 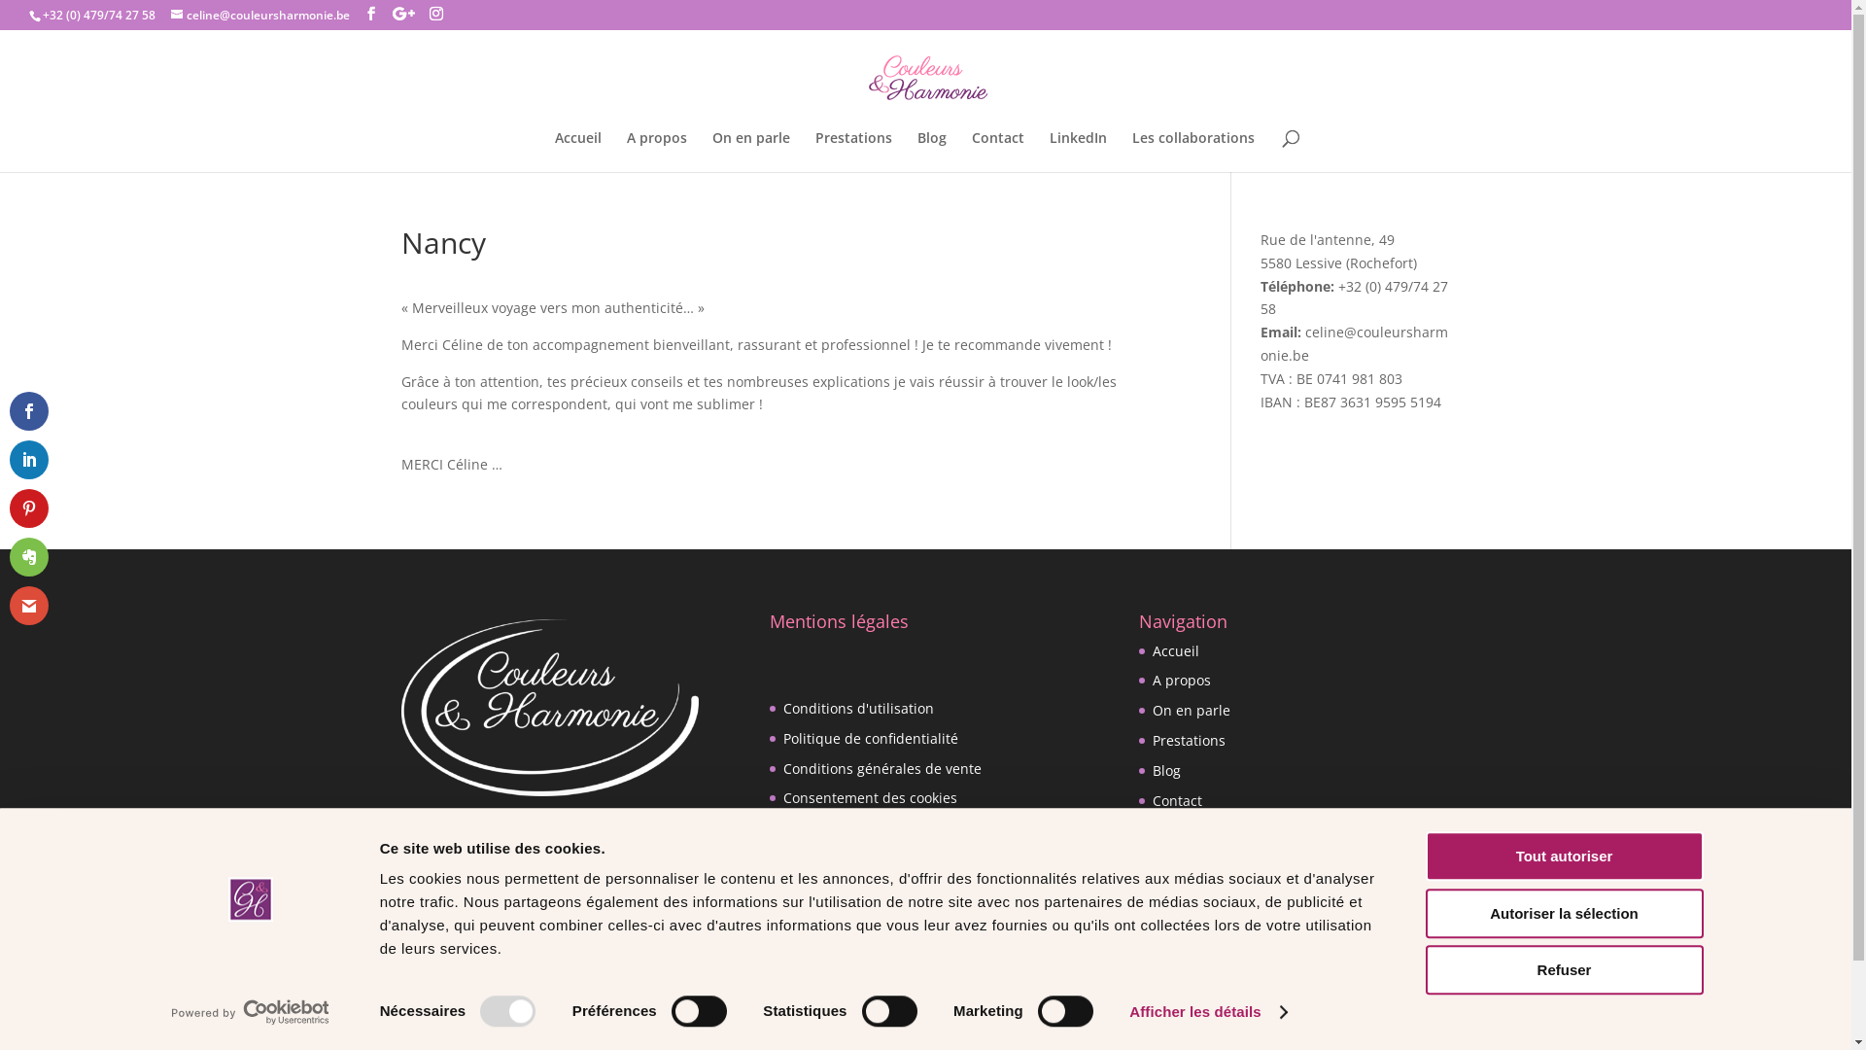 I want to click on 'Les collaborations', so click(x=1192, y=150).